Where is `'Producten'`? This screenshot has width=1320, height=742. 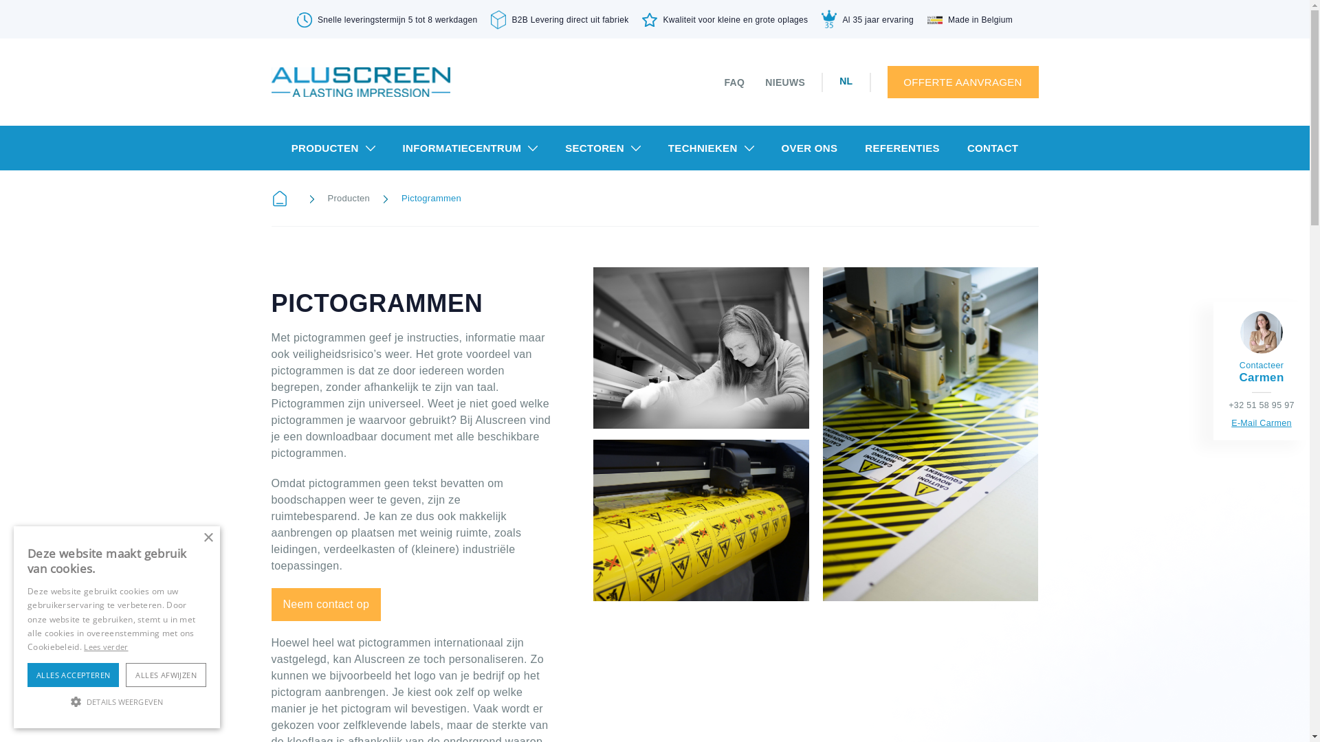
'Producten' is located at coordinates (349, 199).